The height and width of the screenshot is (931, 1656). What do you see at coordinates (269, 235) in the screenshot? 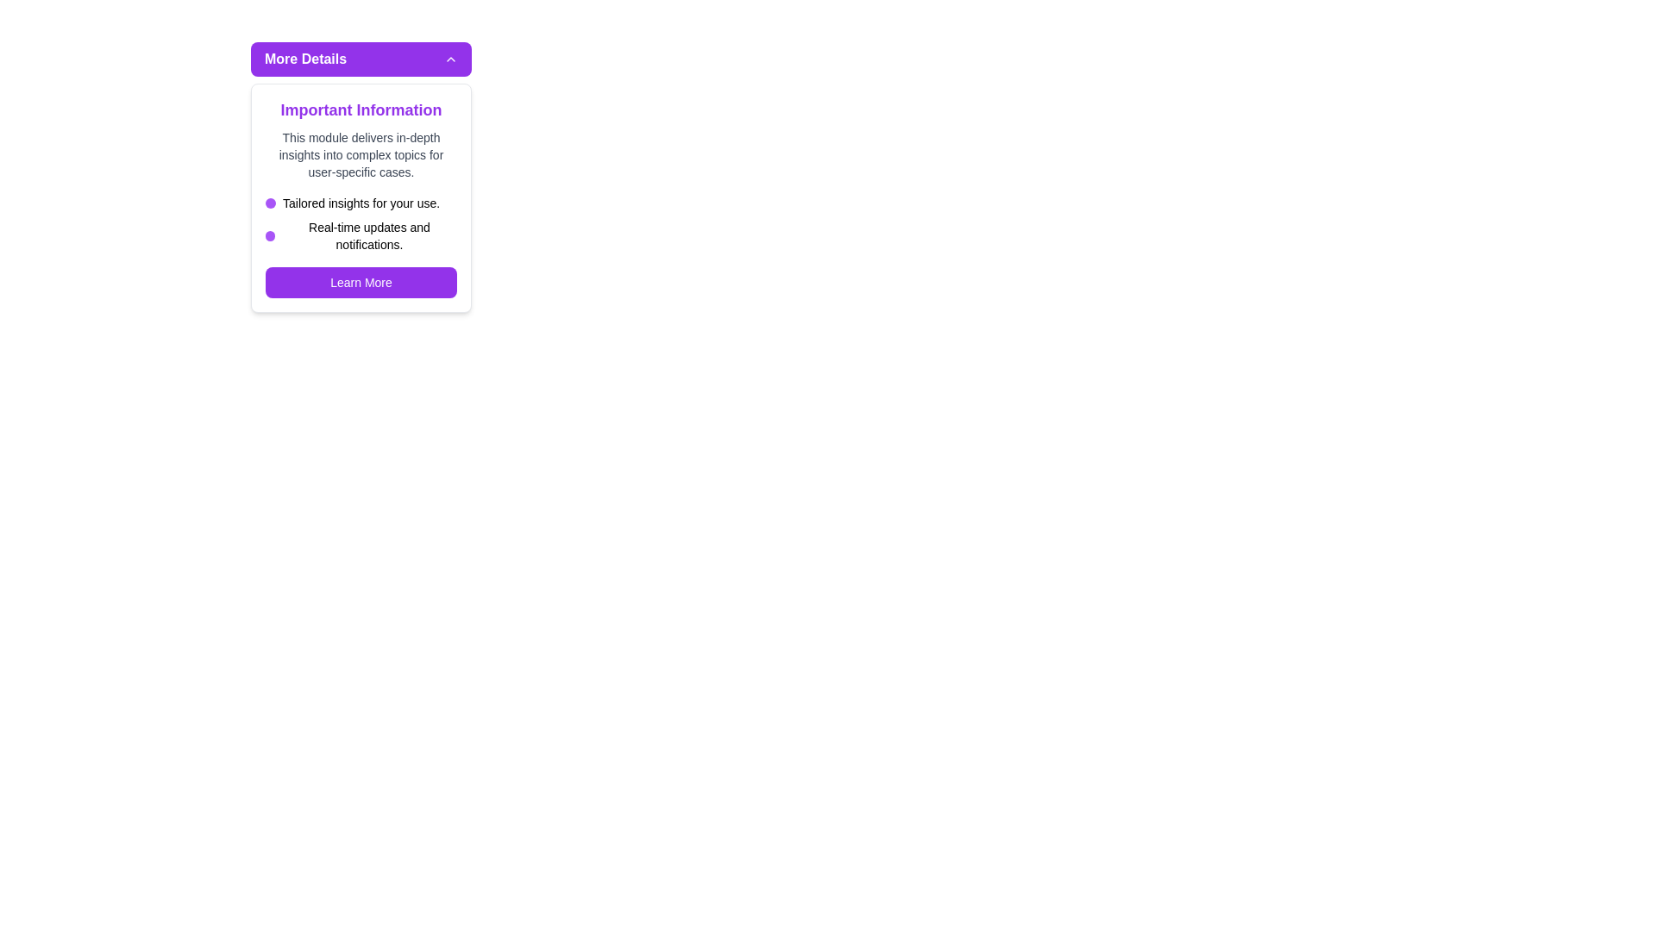
I see `the visual marker or notification indicator located to the left of the text 'Real-time updates and notifications' within the 'Important Information' section` at bounding box center [269, 235].